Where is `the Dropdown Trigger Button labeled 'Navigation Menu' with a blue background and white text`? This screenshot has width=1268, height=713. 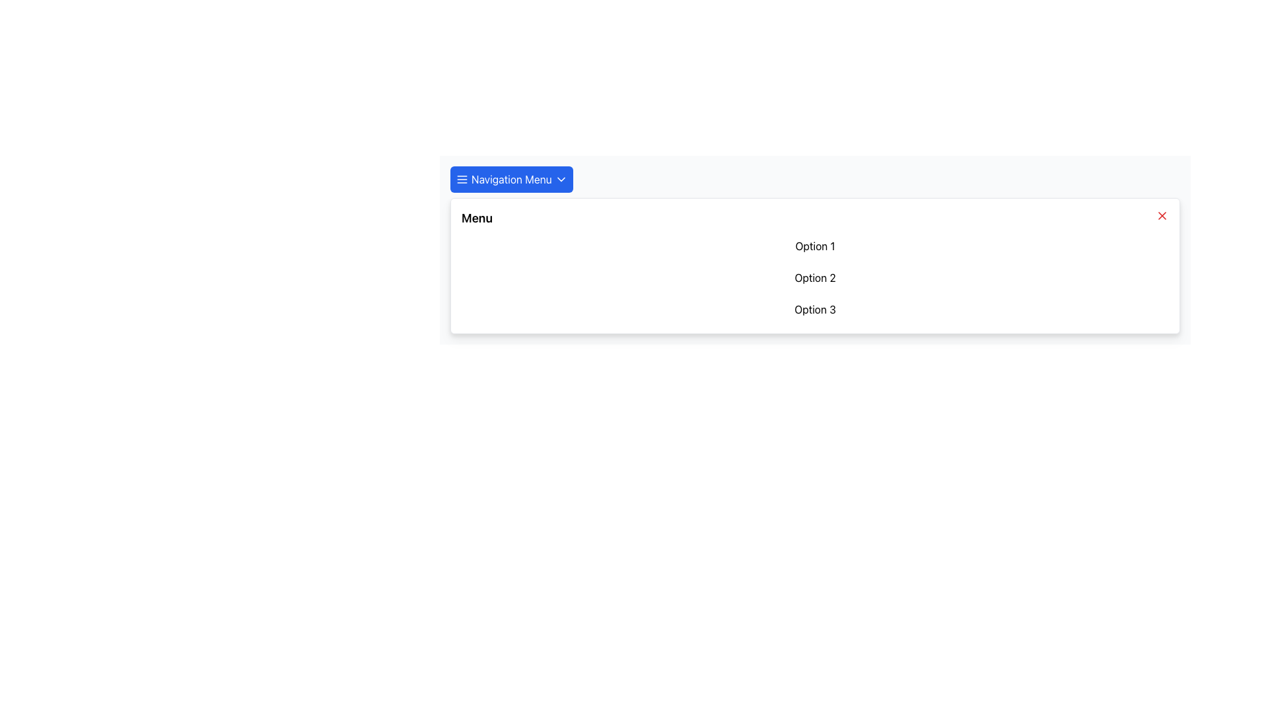
the Dropdown Trigger Button labeled 'Navigation Menu' with a blue background and white text is located at coordinates (511, 180).